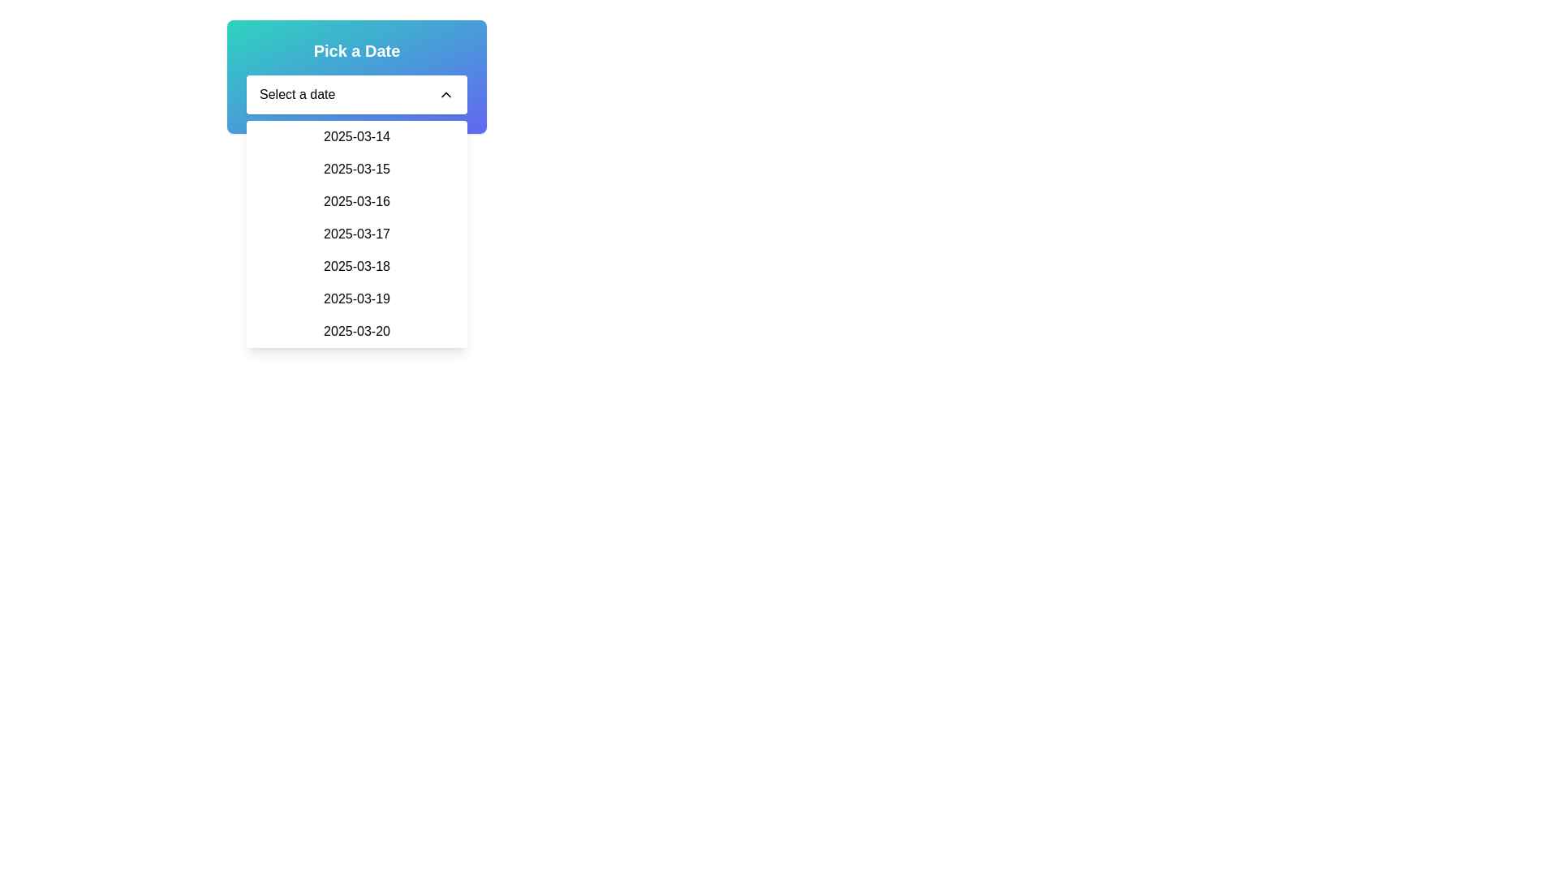 The width and height of the screenshot is (1558, 876). Describe the element at coordinates (356, 201) in the screenshot. I see `the list item displaying the date '2025-03-16'` at that location.